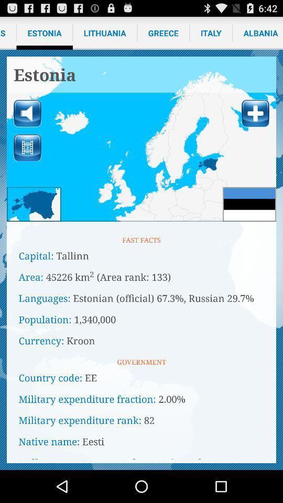 Image resolution: width=283 pixels, height=503 pixels. What do you see at coordinates (249, 203) in the screenshot?
I see `flag icon` at bounding box center [249, 203].